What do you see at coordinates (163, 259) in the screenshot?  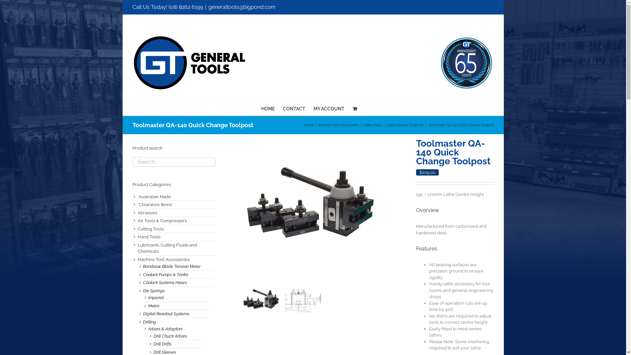 I see `'Machine Tool Accessories'` at bounding box center [163, 259].